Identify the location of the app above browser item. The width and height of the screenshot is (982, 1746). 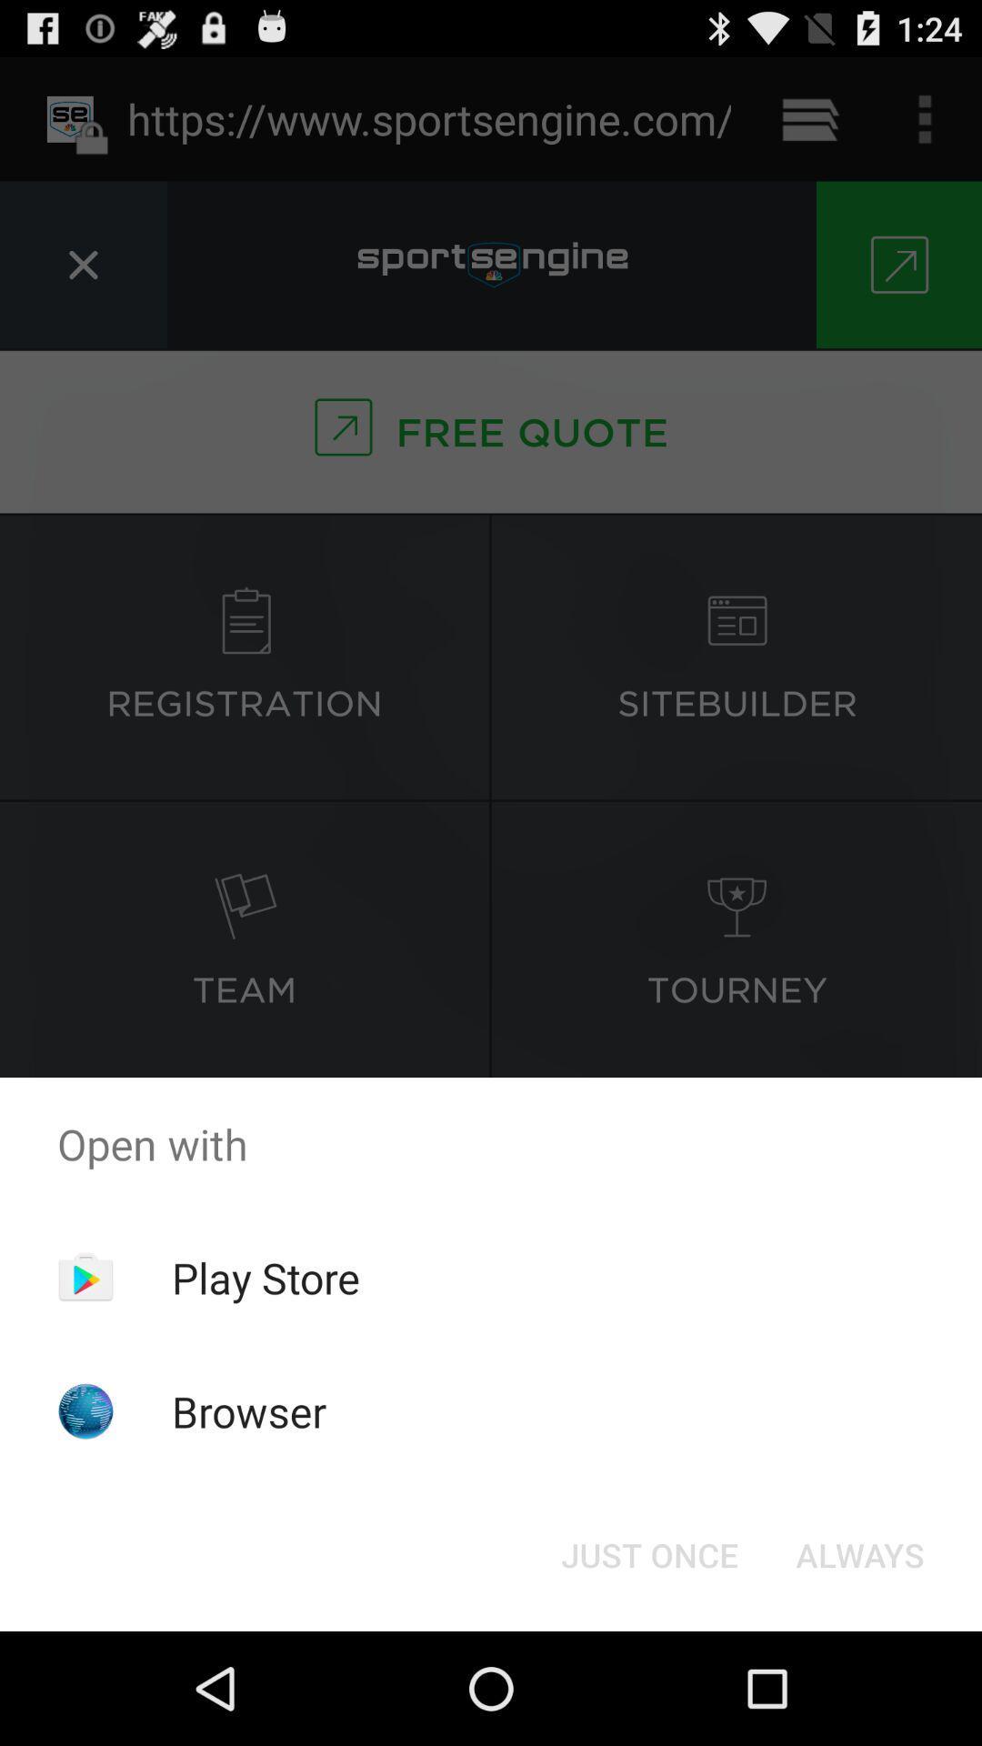
(266, 1277).